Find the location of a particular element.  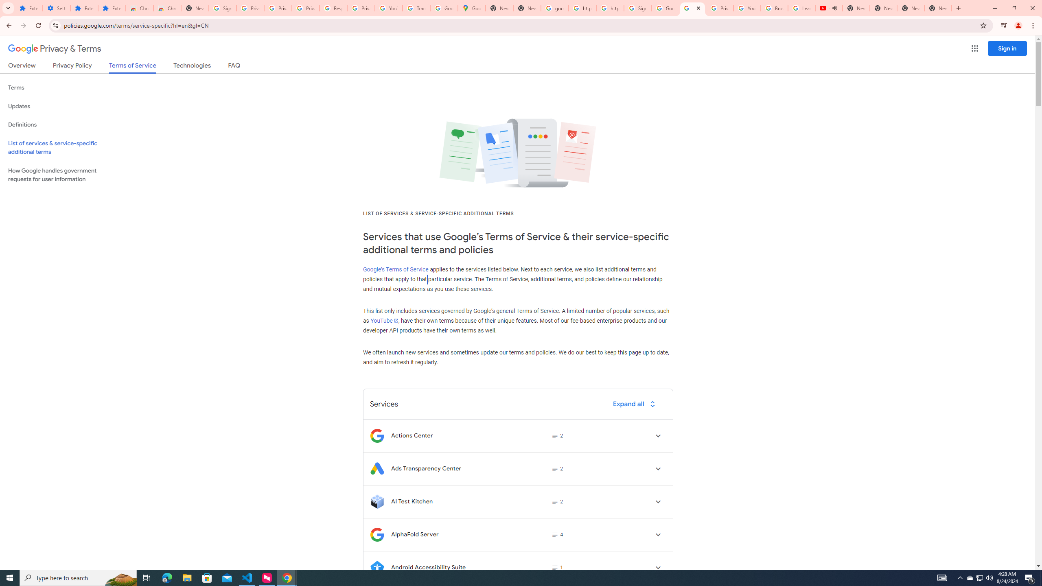

'Logo for AI Test Kitchen' is located at coordinates (377, 501).